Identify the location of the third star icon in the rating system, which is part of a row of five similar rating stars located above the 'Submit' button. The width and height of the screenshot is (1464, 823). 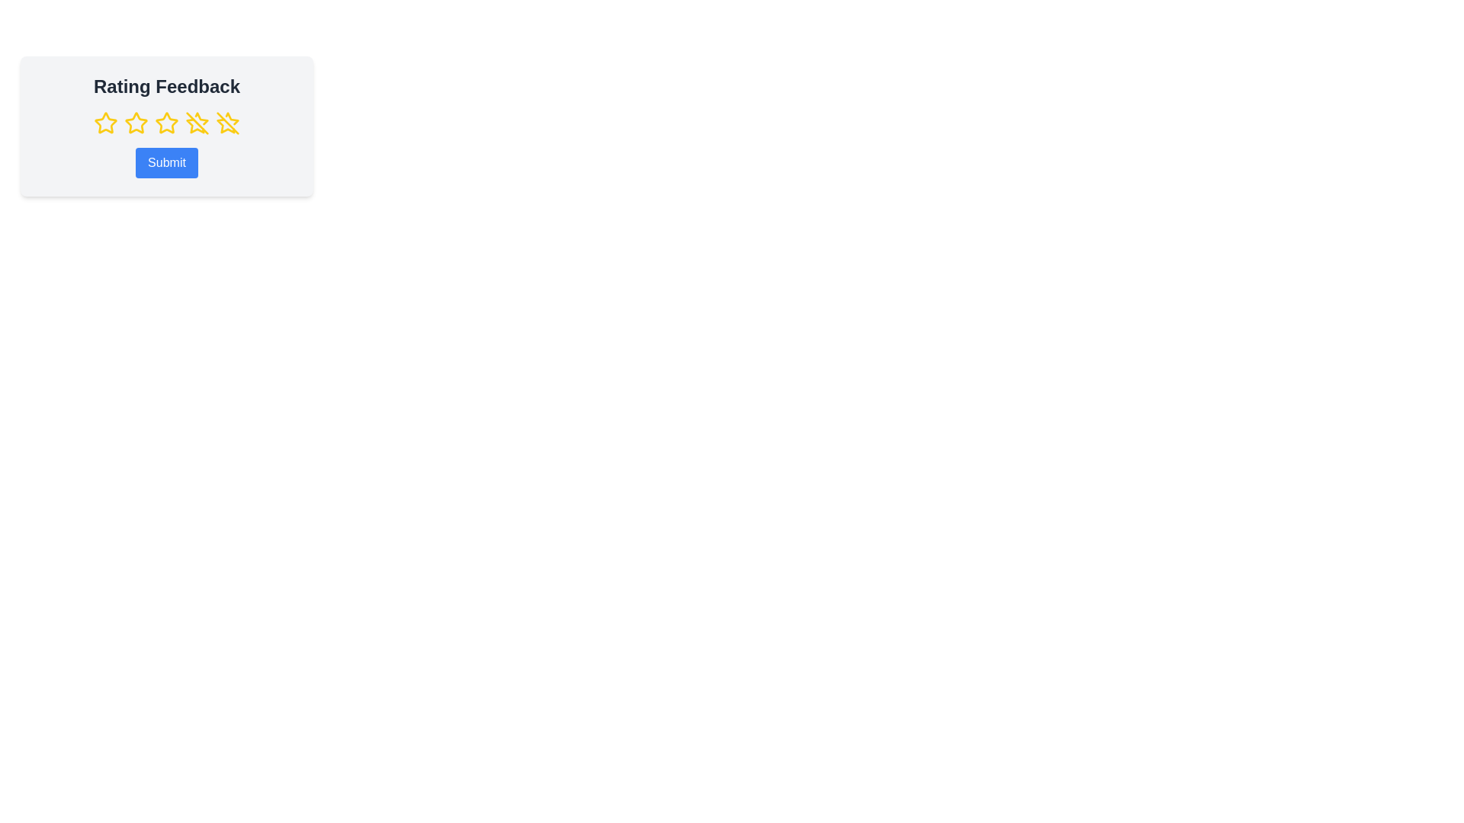
(167, 122).